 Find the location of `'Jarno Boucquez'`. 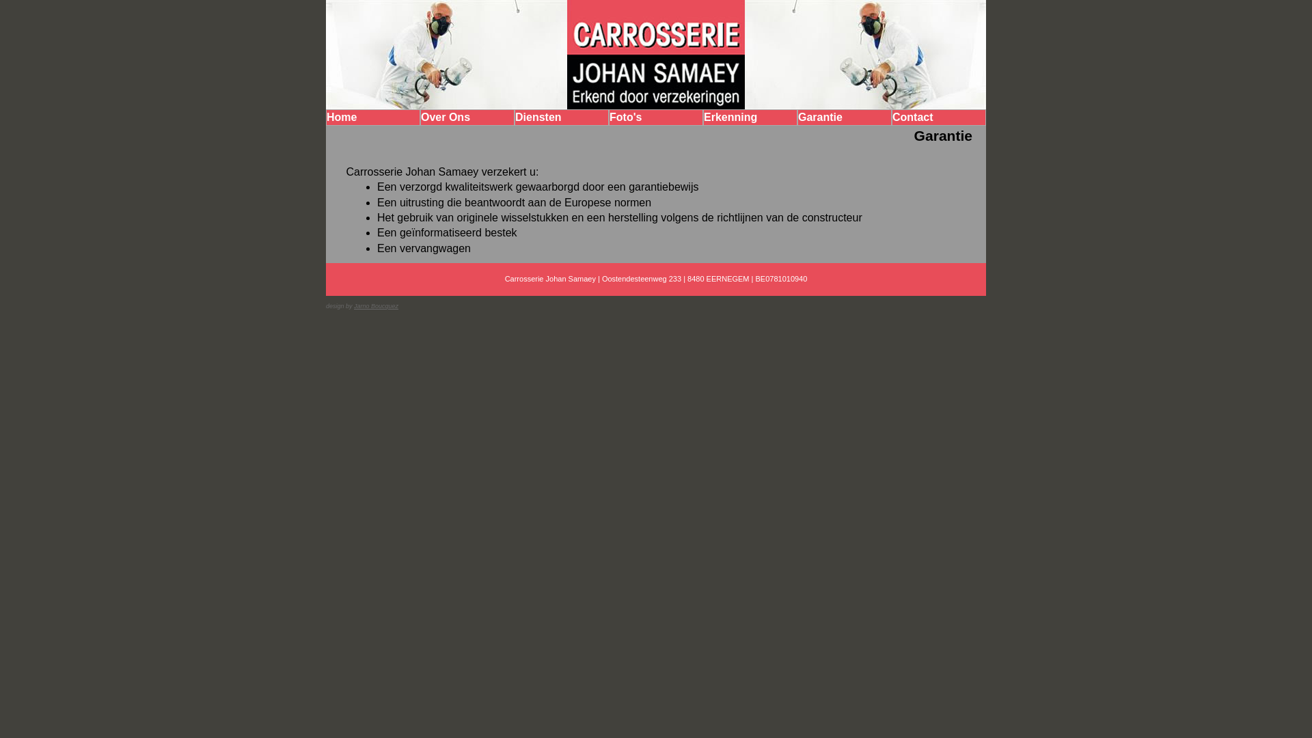

'Jarno Boucquez' is located at coordinates (376, 305).